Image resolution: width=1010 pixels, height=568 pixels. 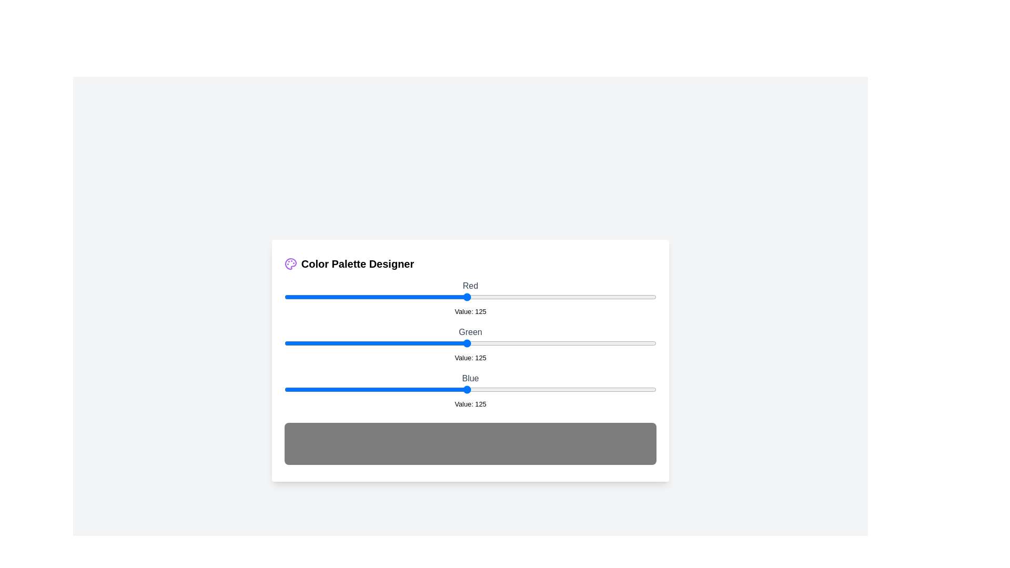 I want to click on the 0 slider to 69, so click(x=385, y=297).